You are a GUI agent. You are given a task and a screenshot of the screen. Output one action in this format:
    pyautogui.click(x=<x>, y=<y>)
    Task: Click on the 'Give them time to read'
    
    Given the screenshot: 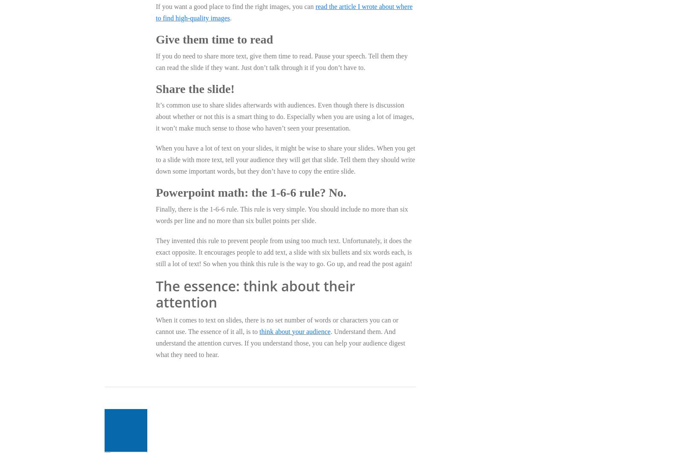 What is the action you would take?
    pyautogui.click(x=213, y=39)
    